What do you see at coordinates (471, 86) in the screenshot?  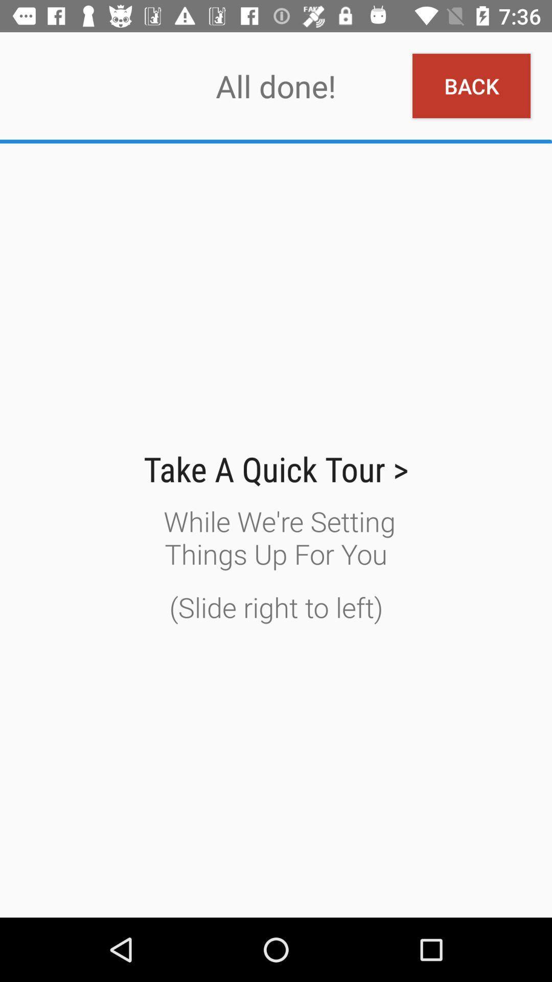 I see `the icon to the right of the all done! item` at bounding box center [471, 86].